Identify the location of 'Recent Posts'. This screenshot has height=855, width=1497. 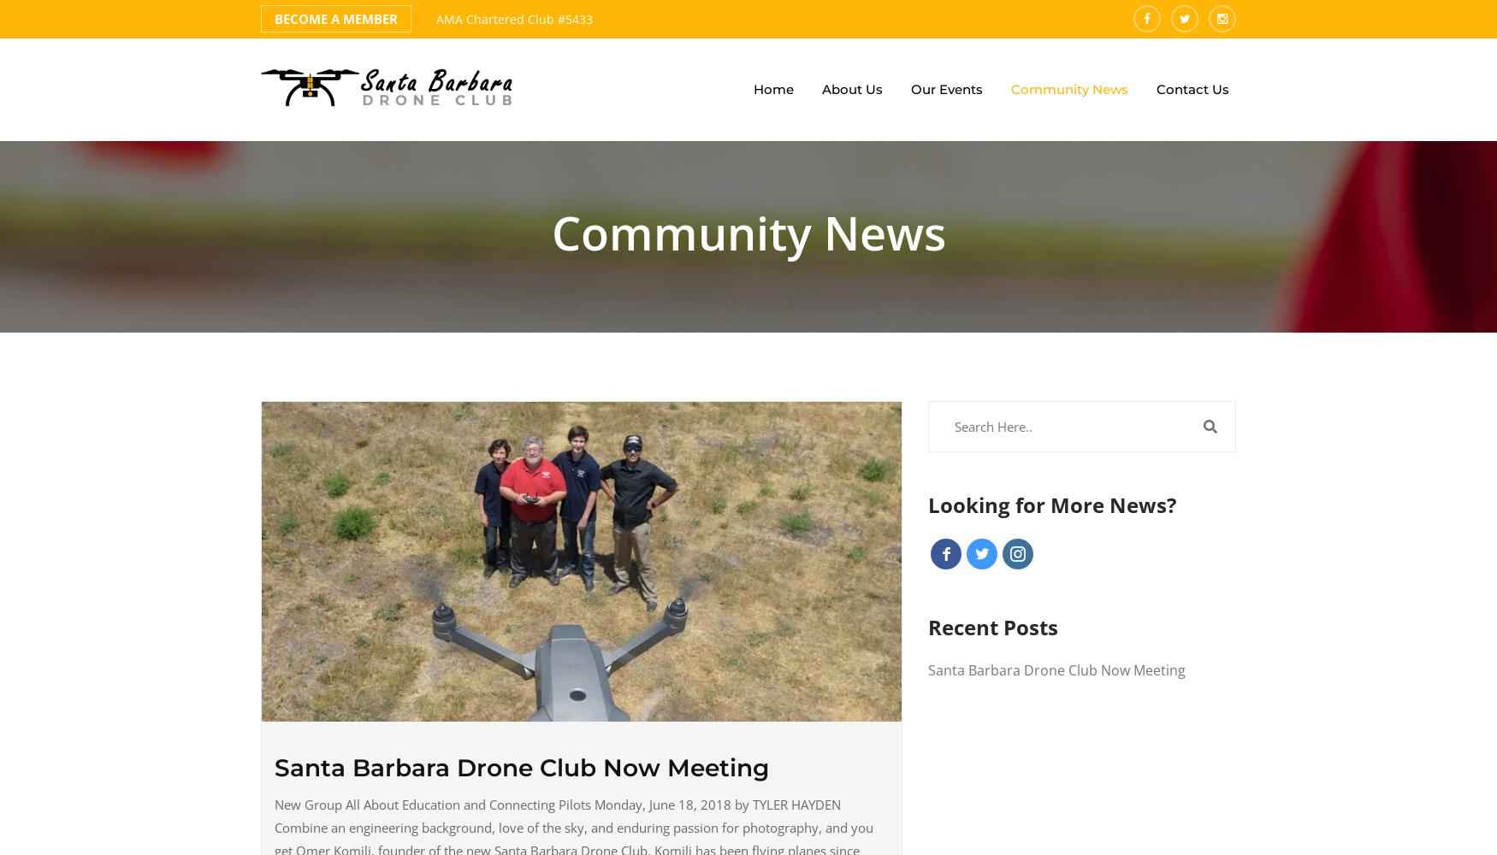
(991, 626).